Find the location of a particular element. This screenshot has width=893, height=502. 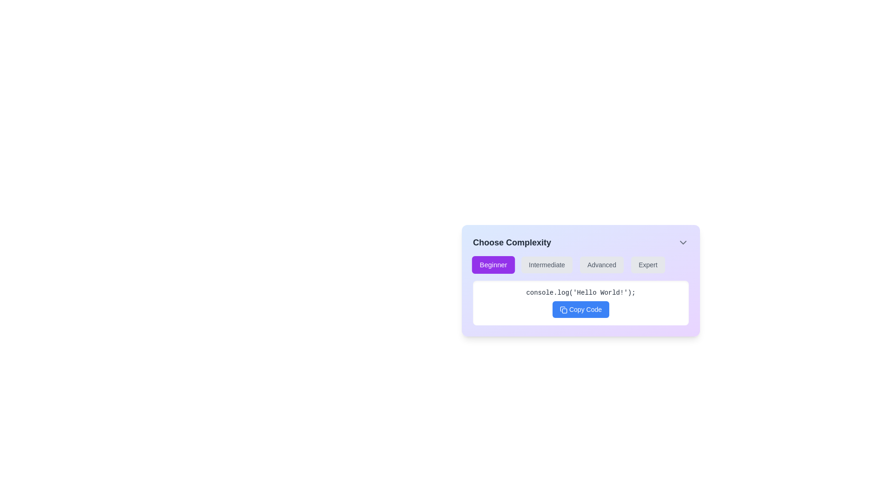

the 'Beginner' button with a purple background and white text is located at coordinates (493, 265).